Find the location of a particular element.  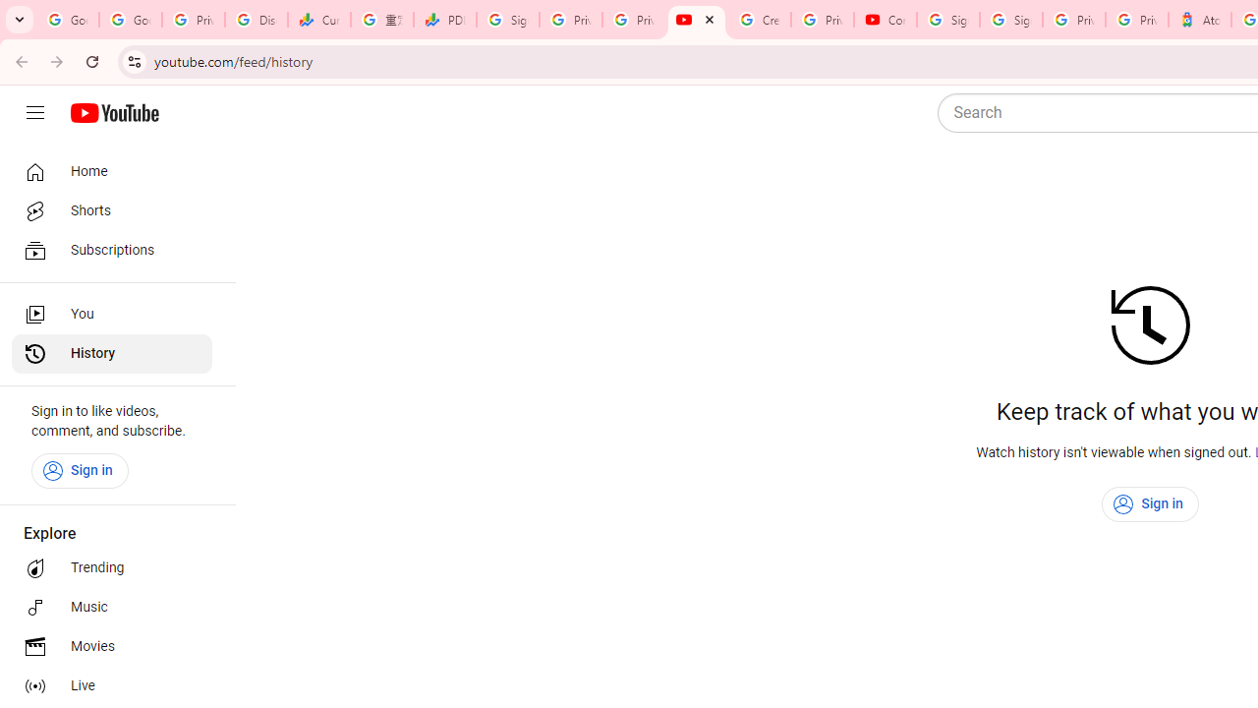

'Google Workspace Admin Community' is located at coordinates (68, 20).